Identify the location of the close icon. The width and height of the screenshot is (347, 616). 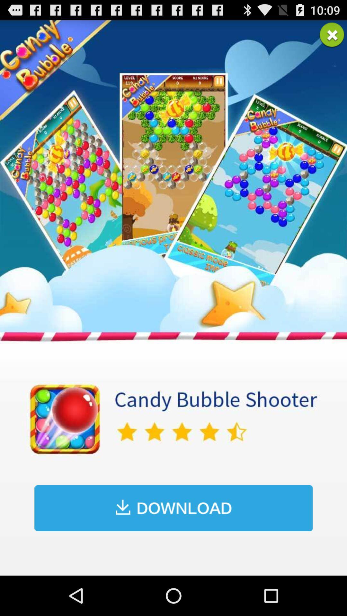
(332, 37).